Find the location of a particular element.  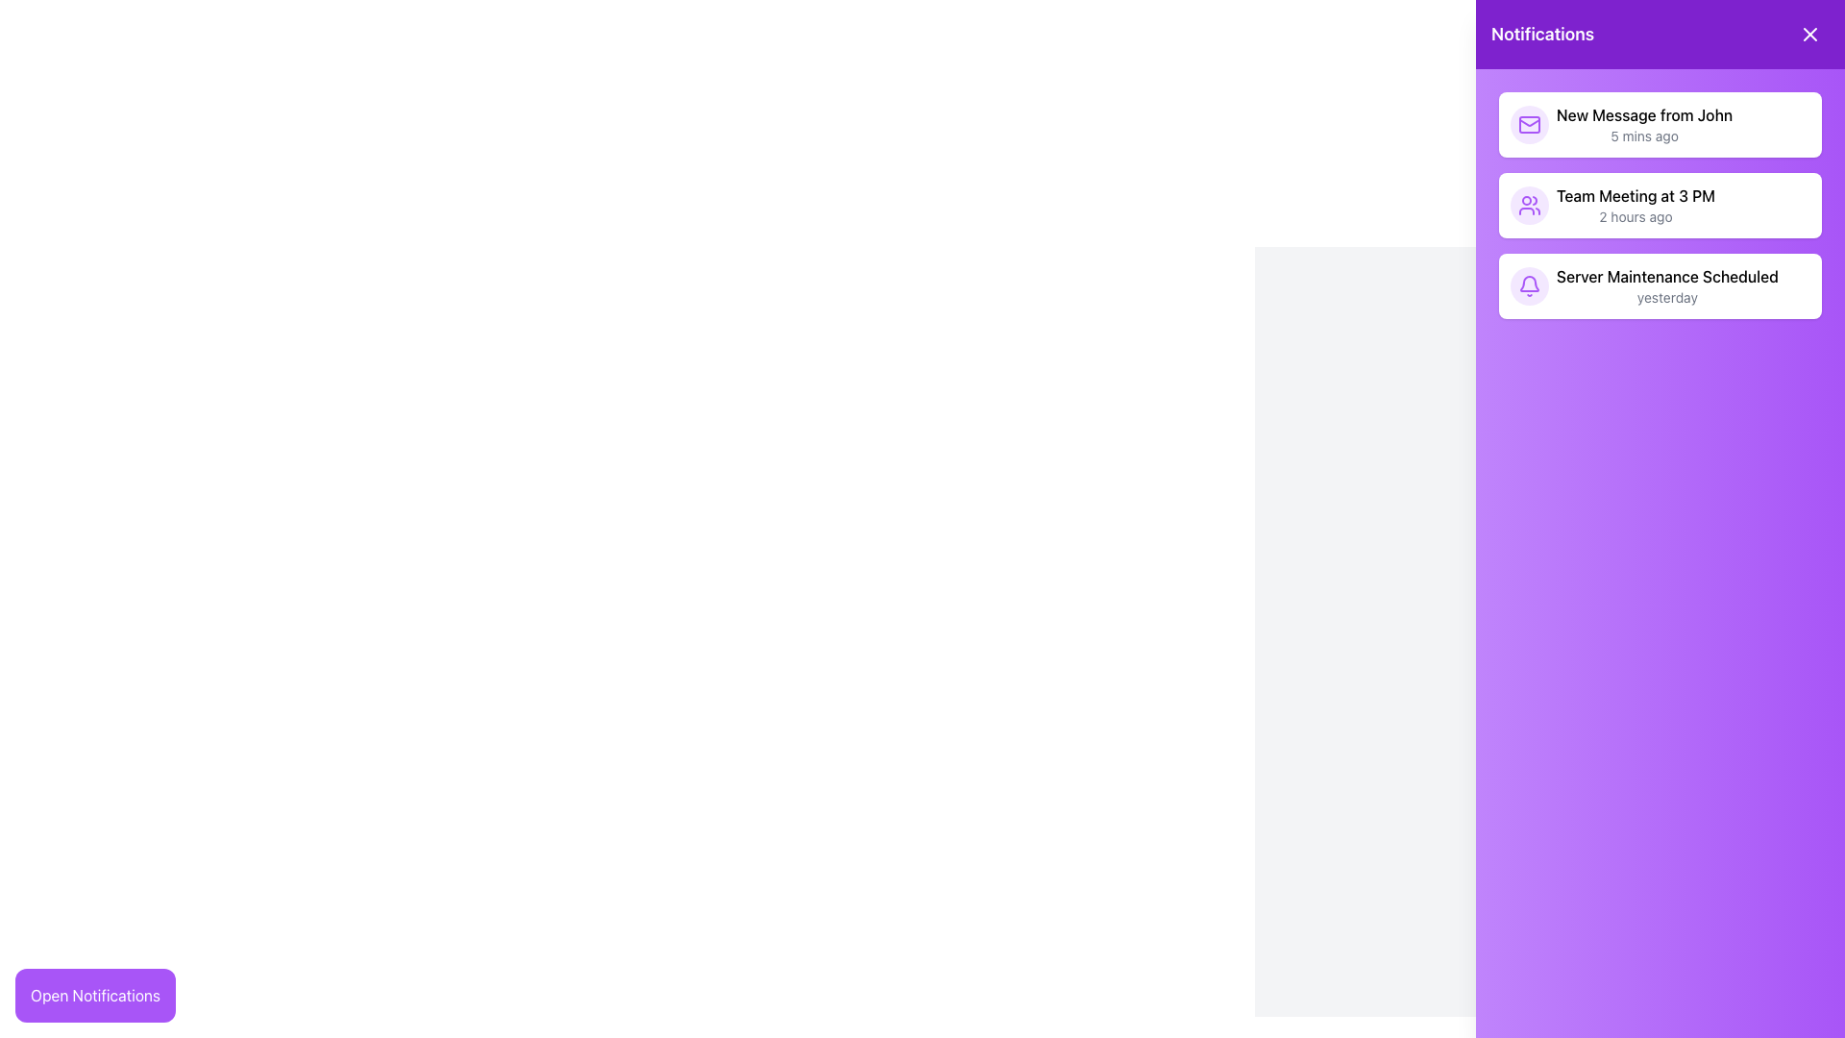

'Notifications' title text label located at the top of the purple notification panel, which is styled with a white, bold, large font is located at coordinates (1542, 34).